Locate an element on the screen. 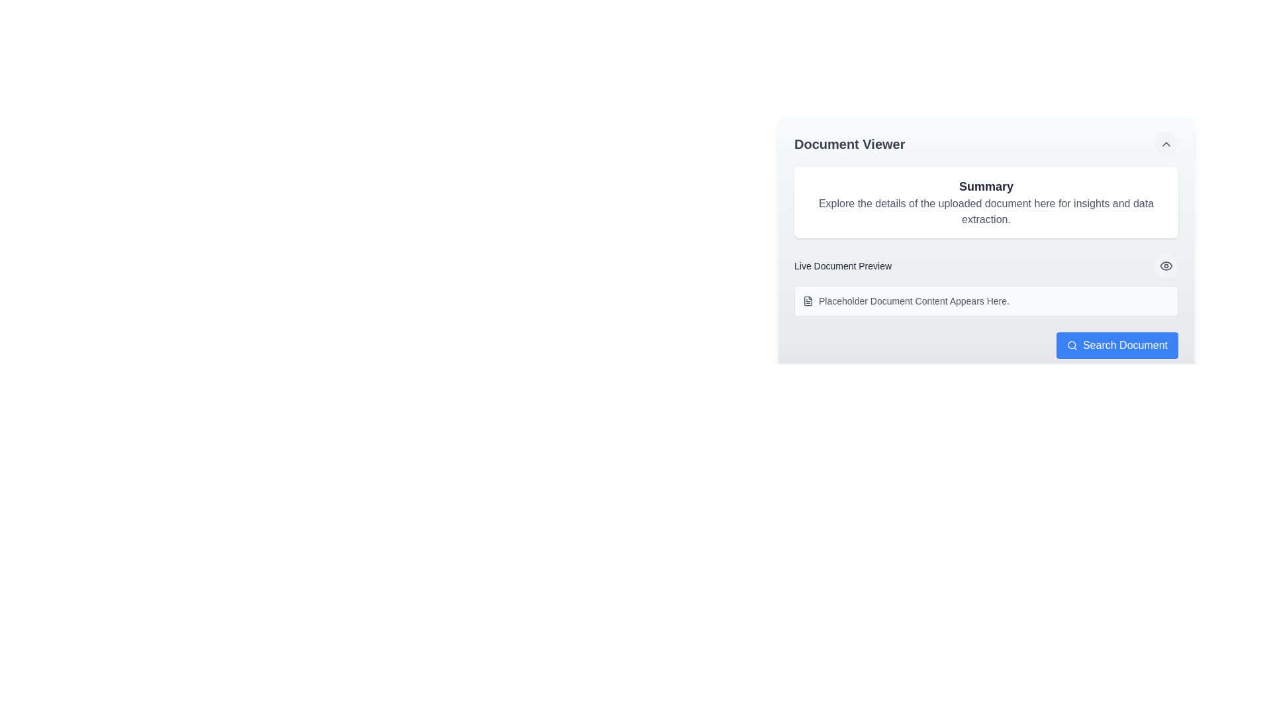 This screenshot has height=715, width=1271. the circular button with a light gray background and an eye icon is located at coordinates (1166, 265).